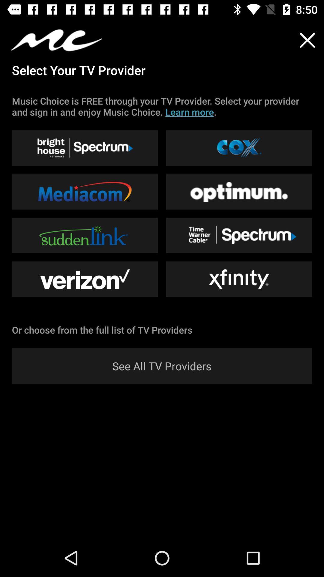 The height and width of the screenshot is (577, 324). I want to click on the icon which is above the text select your tv provider, so click(56, 40).